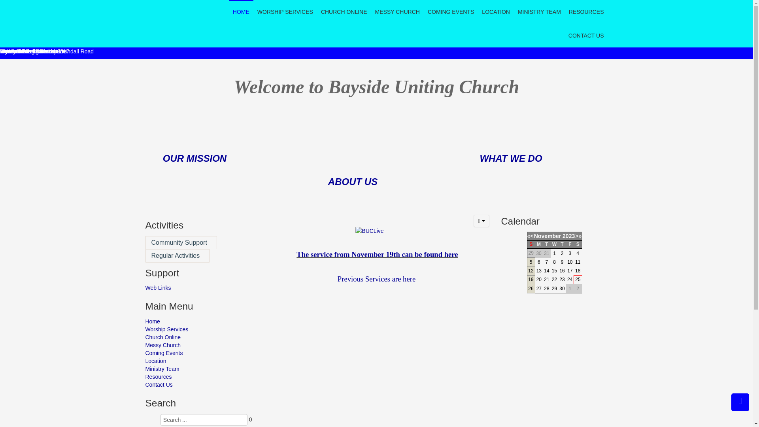 Image resolution: width=759 pixels, height=427 pixels. I want to click on '10', so click(570, 262).